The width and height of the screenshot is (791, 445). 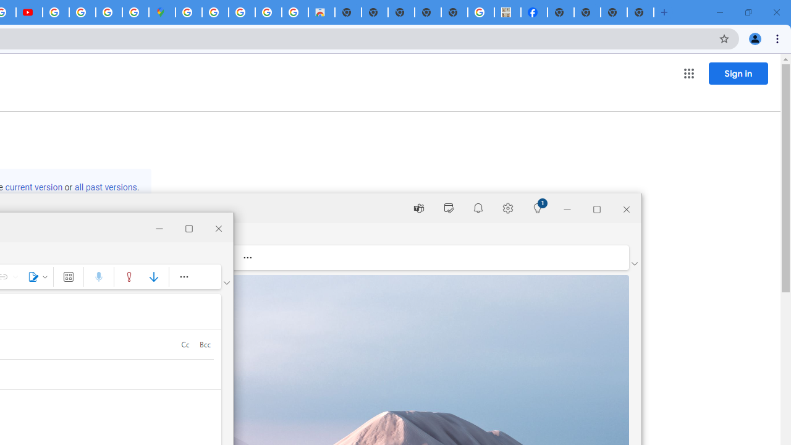 What do you see at coordinates (99, 276) in the screenshot?
I see `'Dictate'` at bounding box center [99, 276].